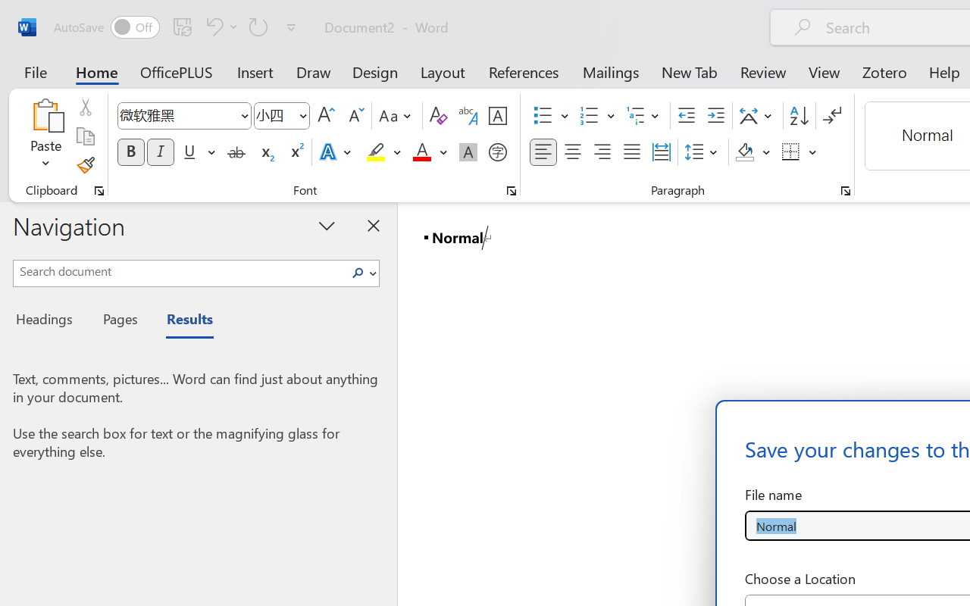 This screenshot has width=970, height=606. What do you see at coordinates (282, 116) in the screenshot?
I see `'Font Size'` at bounding box center [282, 116].